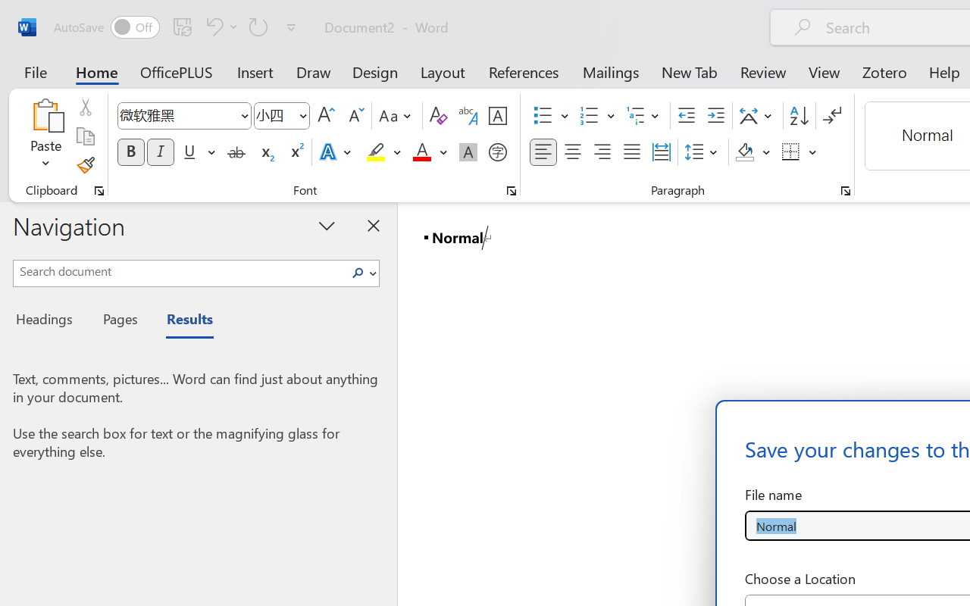 This screenshot has width=970, height=606. What do you see at coordinates (282, 116) in the screenshot?
I see `'Font Size'` at bounding box center [282, 116].